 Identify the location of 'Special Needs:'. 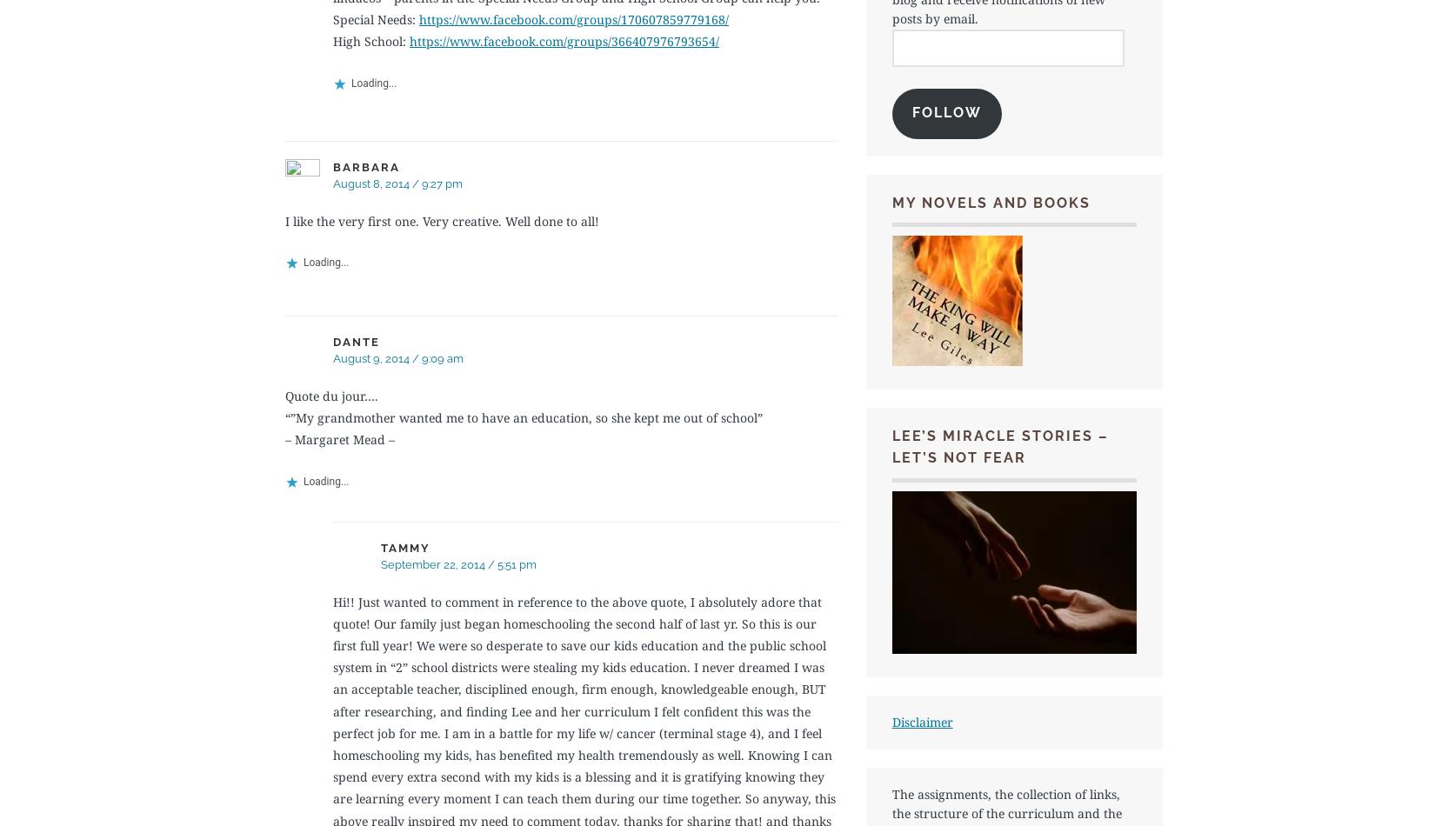
(375, 18).